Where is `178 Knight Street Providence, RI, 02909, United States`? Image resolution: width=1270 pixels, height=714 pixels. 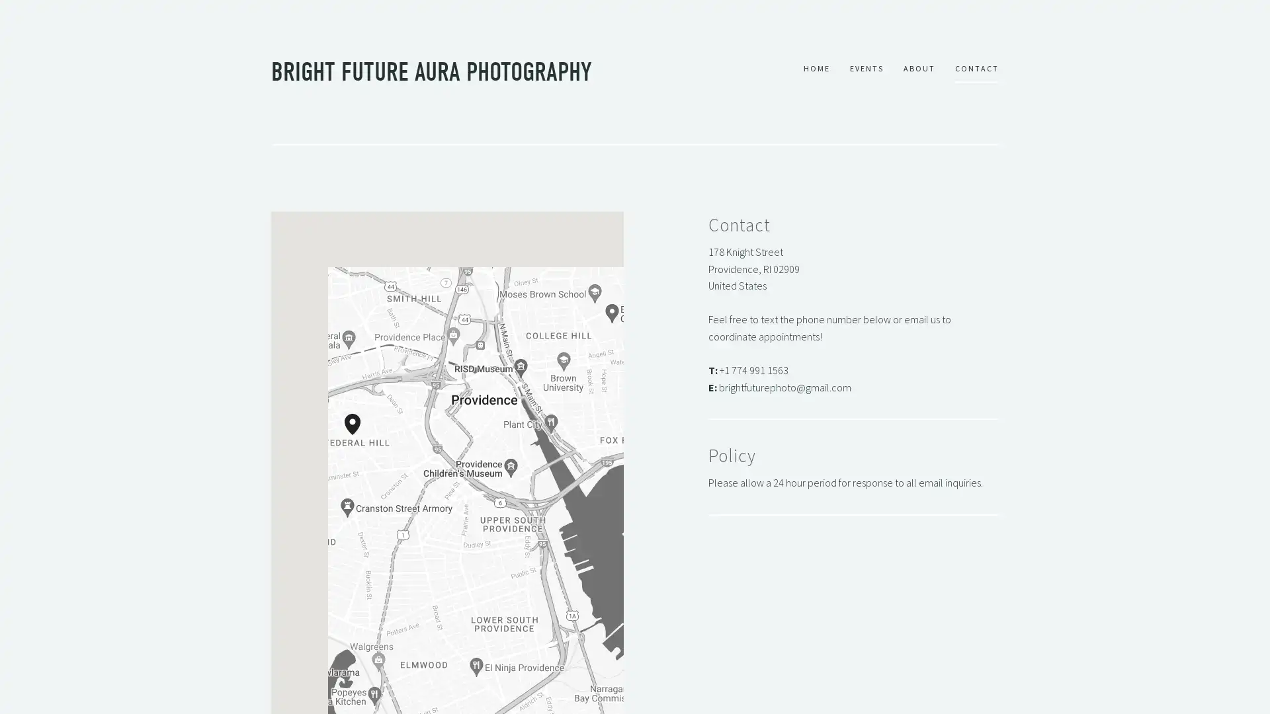 178 Knight Street Providence, RI, 02909, United States is located at coordinates (359, 435).